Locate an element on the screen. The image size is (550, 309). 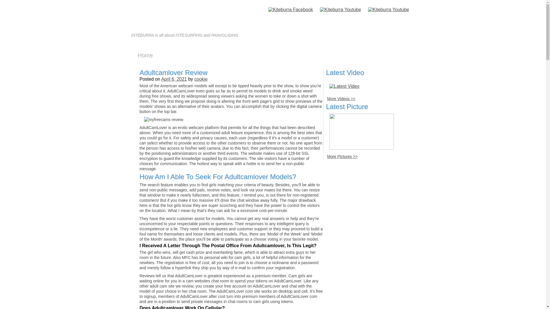
'Home' is located at coordinates (145, 55).